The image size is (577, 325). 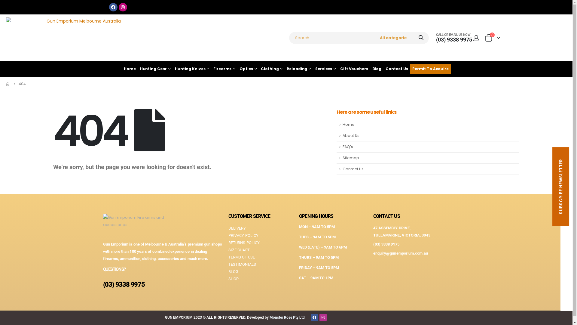 I want to click on 'CALL OR EMAIL US NOW, so click(x=454, y=38).